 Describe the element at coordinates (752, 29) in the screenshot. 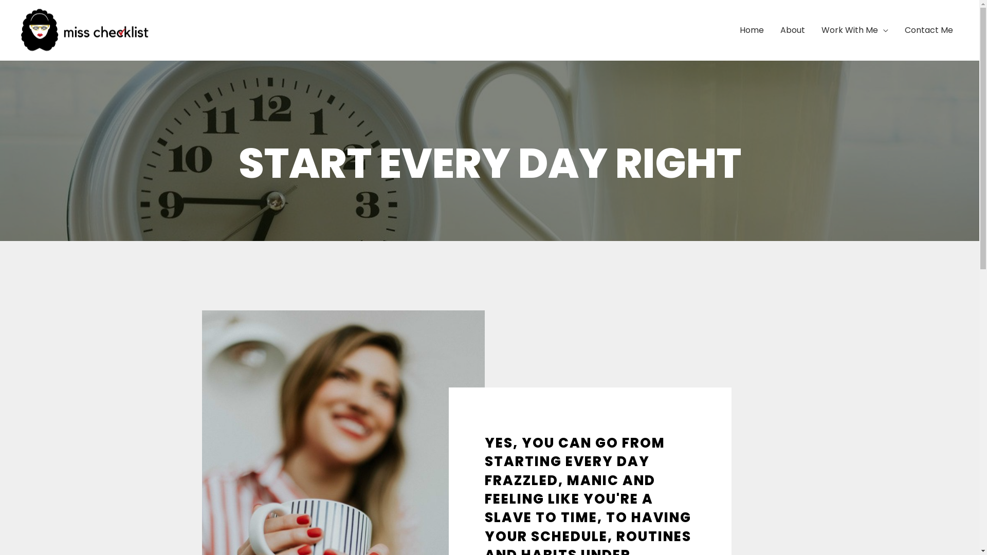

I see `'Home'` at that location.